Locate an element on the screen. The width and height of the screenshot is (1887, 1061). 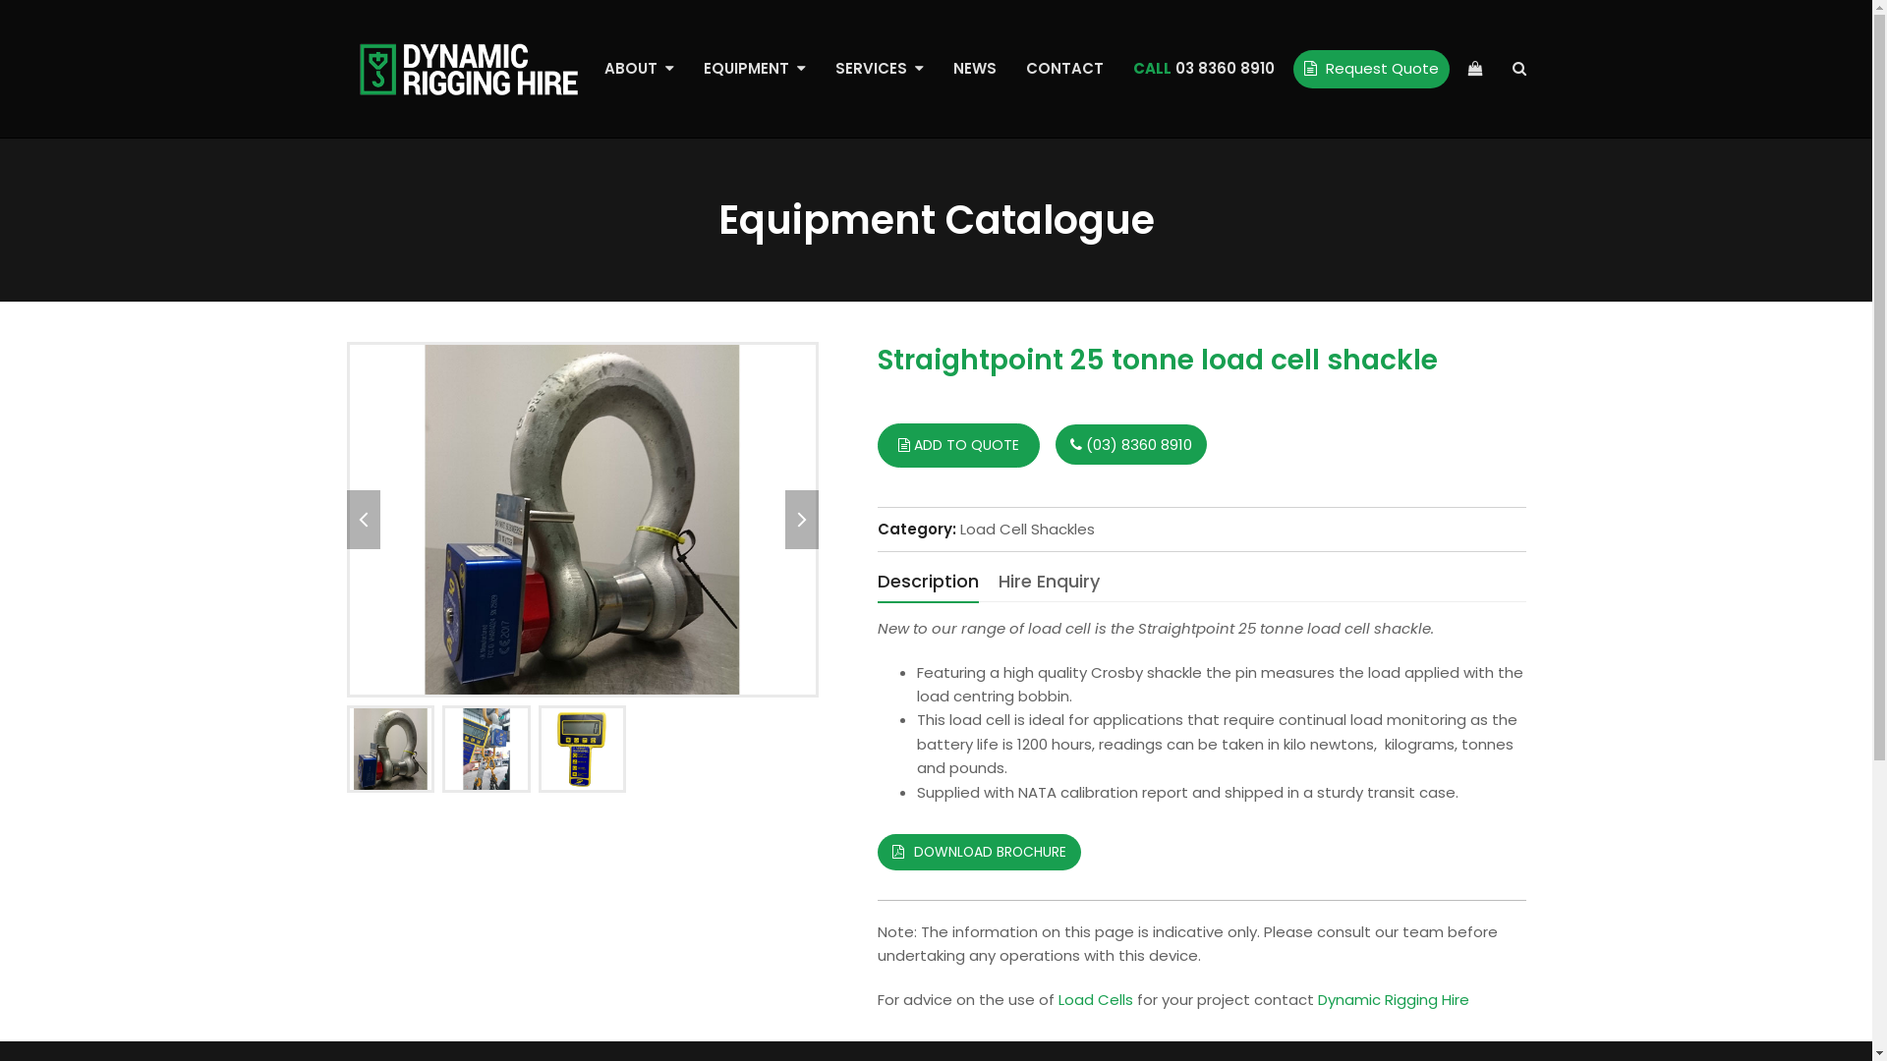
'(03) 8360 8910' is located at coordinates (1055, 444).